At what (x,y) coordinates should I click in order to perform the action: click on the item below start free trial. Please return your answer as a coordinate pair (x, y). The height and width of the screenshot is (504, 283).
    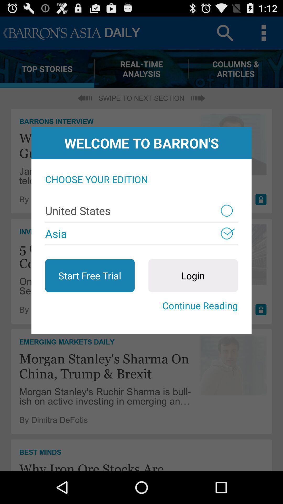
    Looking at the image, I should click on (141, 305).